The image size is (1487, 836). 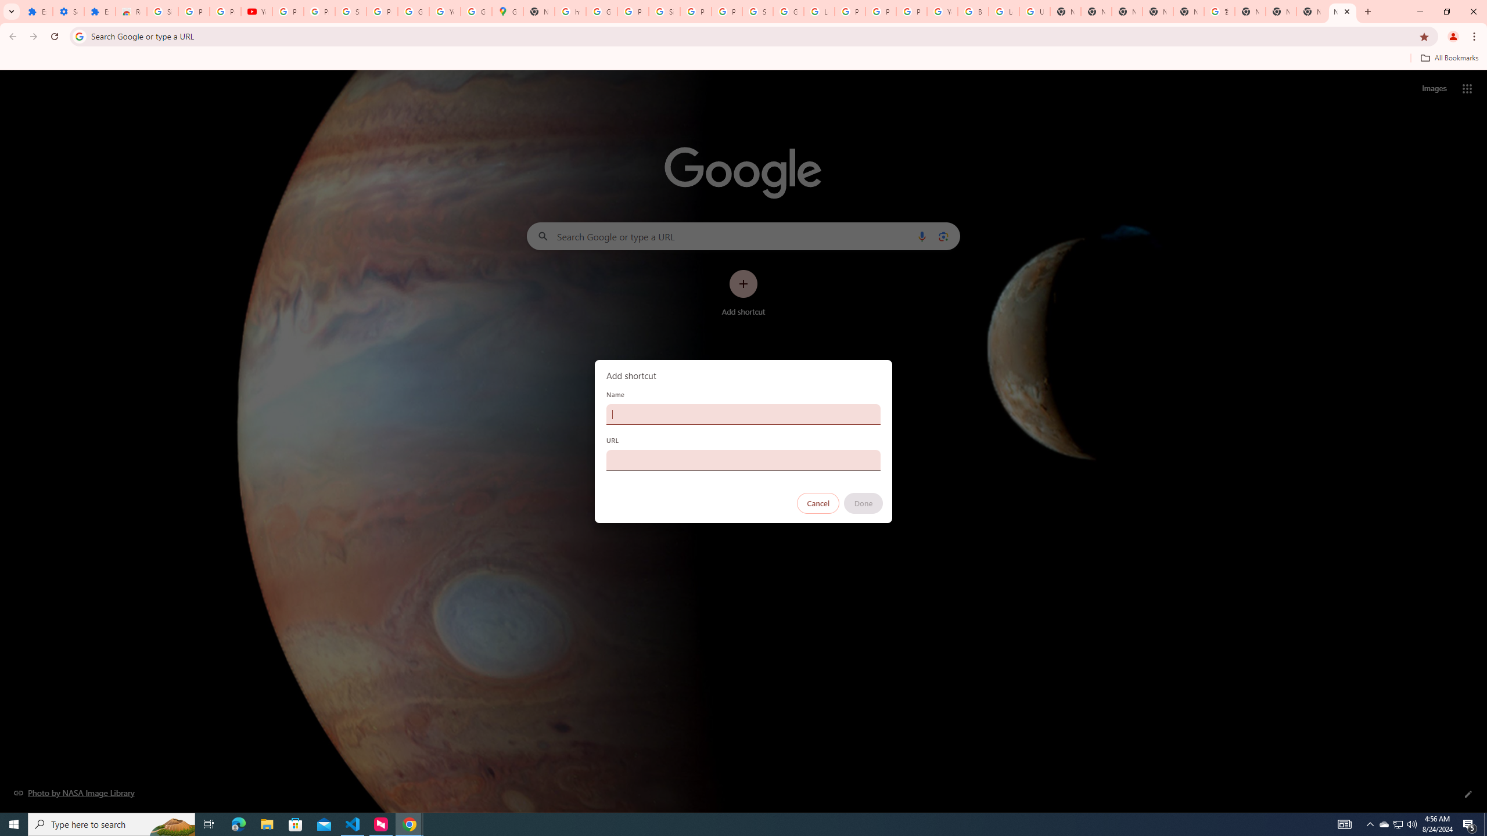 I want to click on 'YouTube', so click(x=444, y=11).